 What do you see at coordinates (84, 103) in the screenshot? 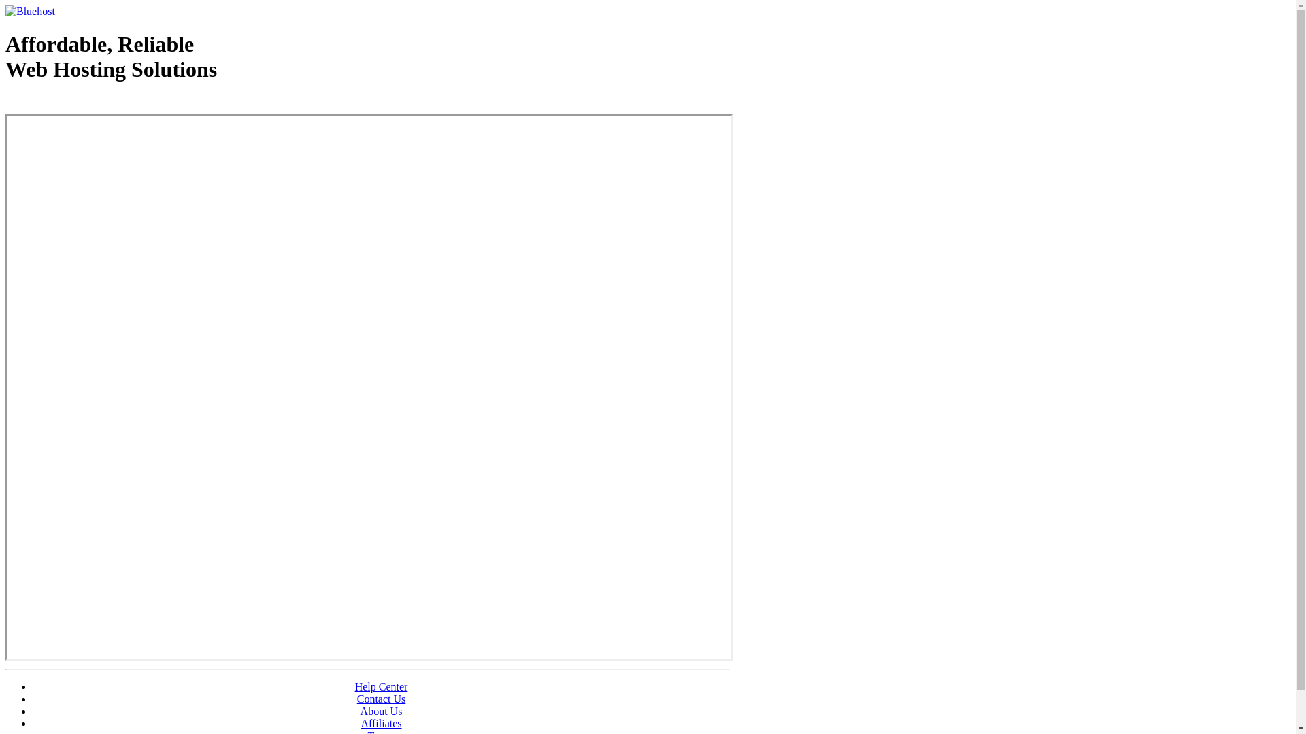
I see `'Web Hosting - courtesy of www.bluehost.com'` at bounding box center [84, 103].